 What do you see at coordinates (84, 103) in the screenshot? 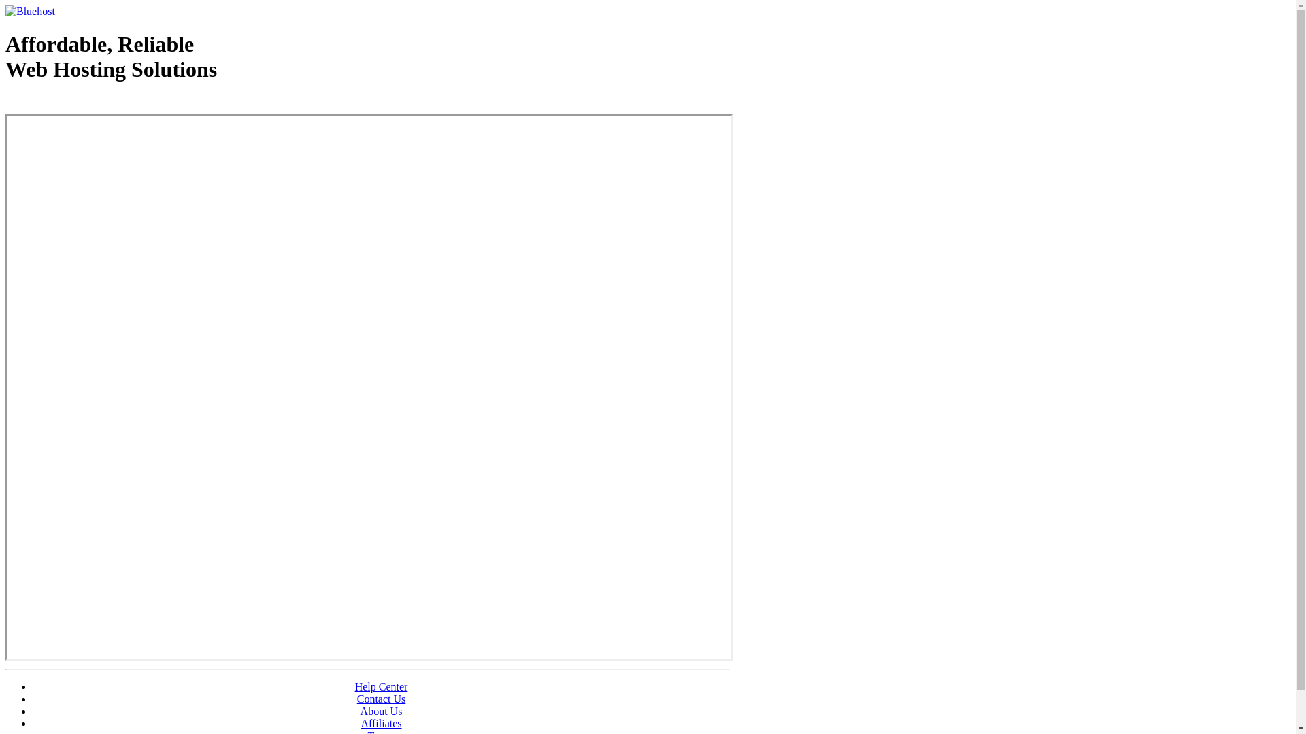
I see `'Web Hosting - courtesy of www.bluehost.com'` at bounding box center [84, 103].